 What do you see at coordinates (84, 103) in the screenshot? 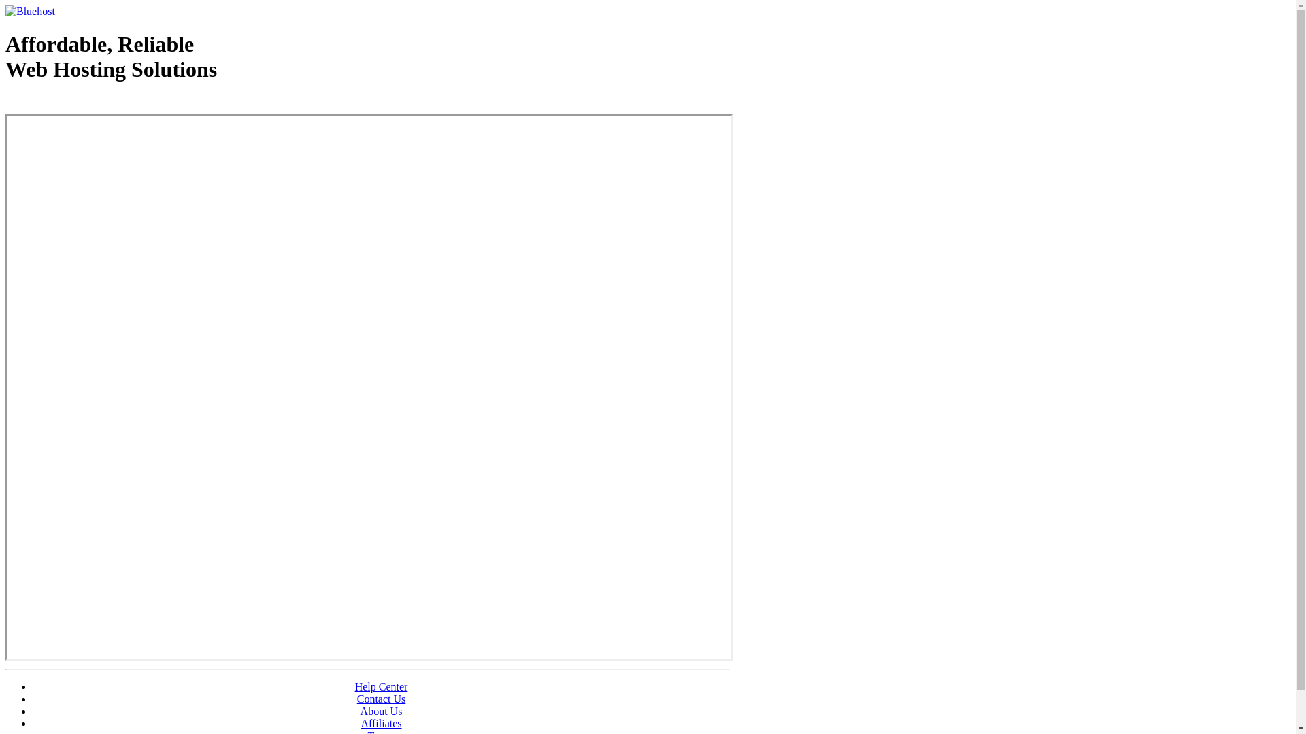
I see `'Web Hosting - courtesy of www.bluehost.com'` at bounding box center [84, 103].